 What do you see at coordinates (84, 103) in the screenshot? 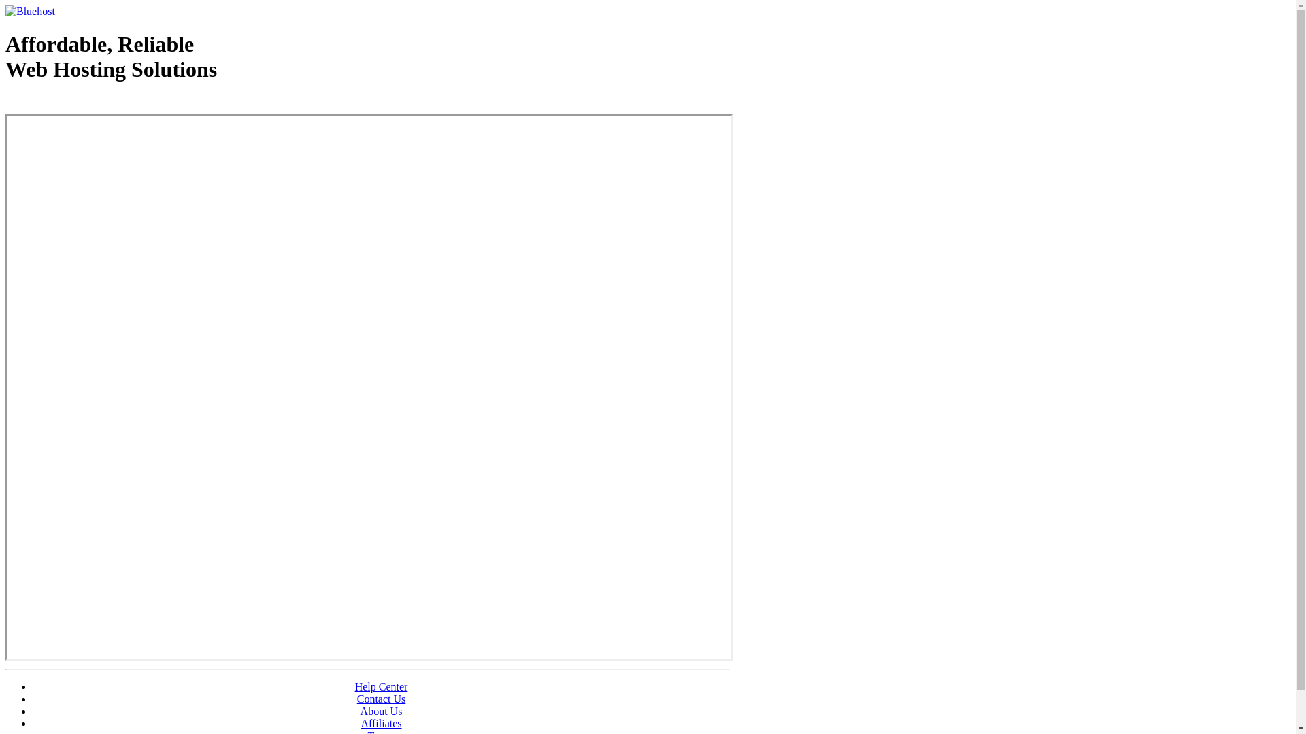
I see `'Web Hosting - courtesy of www.bluehost.com'` at bounding box center [84, 103].